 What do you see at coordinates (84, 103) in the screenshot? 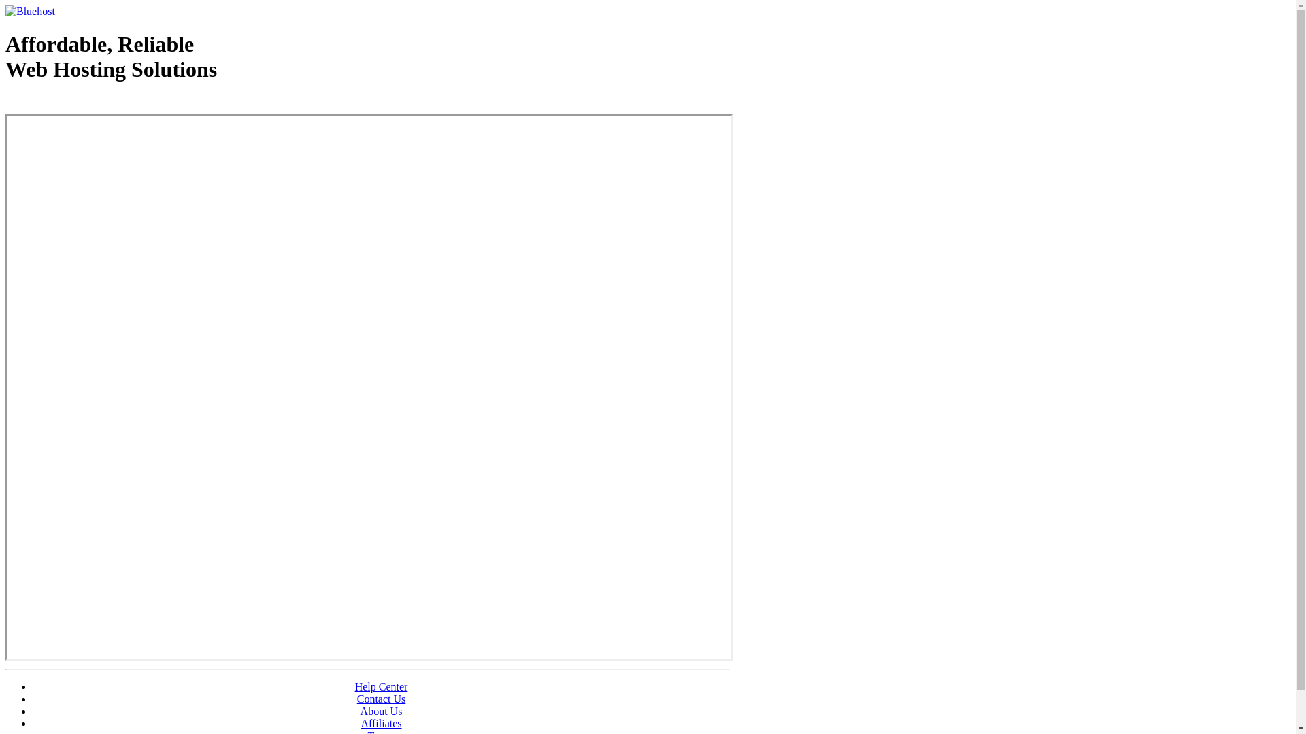
I see `'Web Hosting - courtesy of www.bluehost.com'` at bounding box center [84, 103].